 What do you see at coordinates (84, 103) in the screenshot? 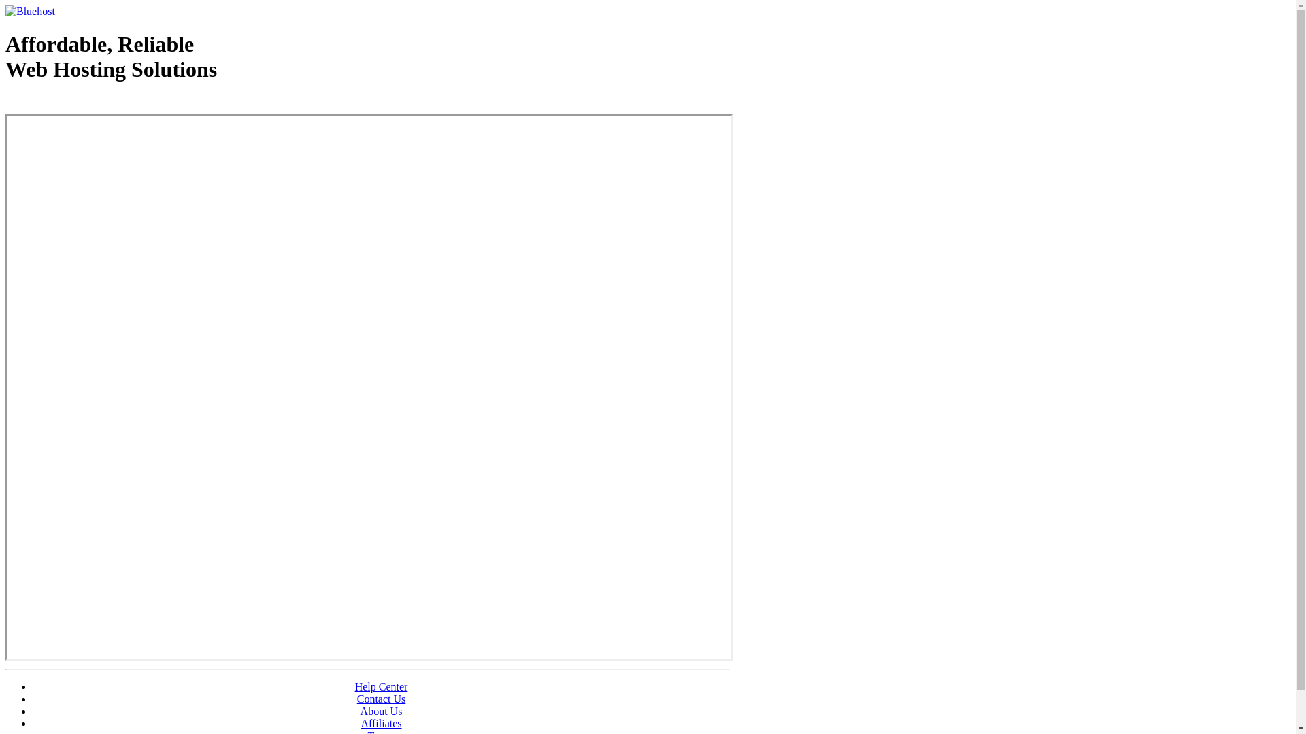
I see `'Web Hosting - courtesy of www.bluehost.com'` at bounding box center [84, 103].